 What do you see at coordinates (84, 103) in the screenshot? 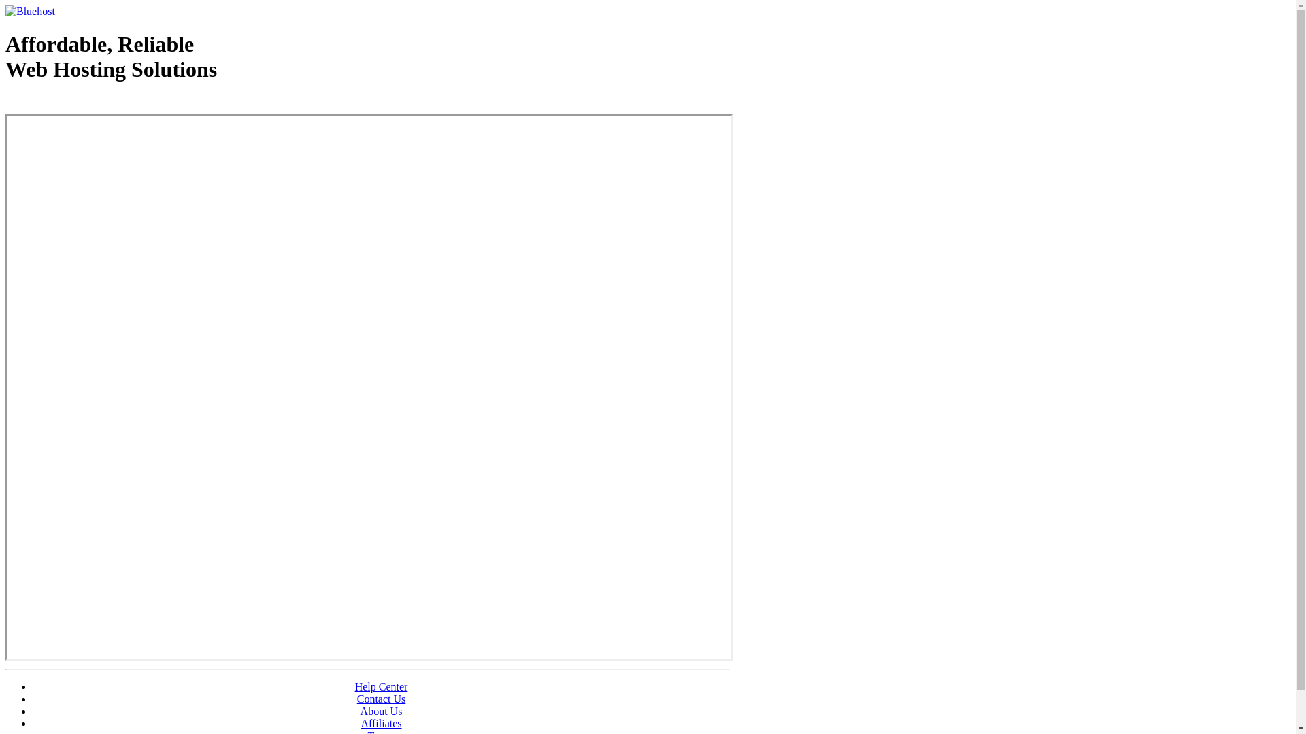
I see `'Web Hosting - courtesy of www.bluehost.com'` at bounding box center [84, 103].